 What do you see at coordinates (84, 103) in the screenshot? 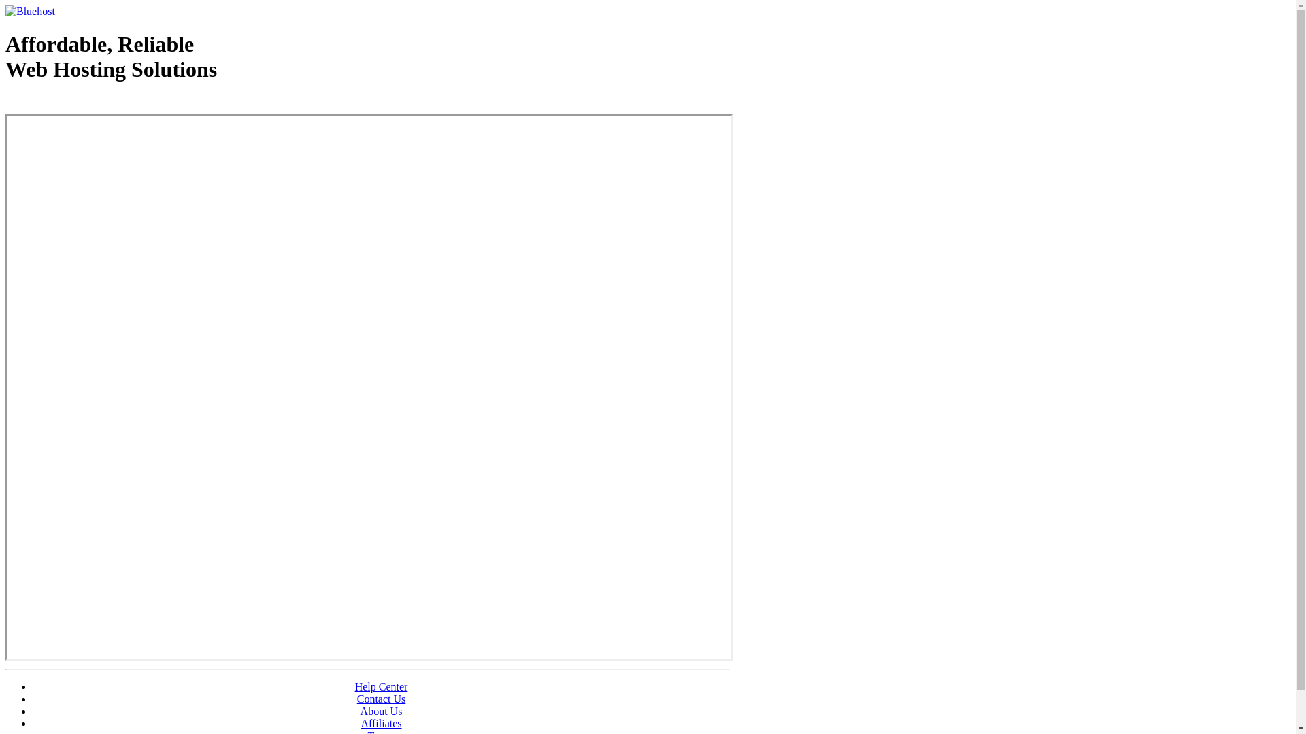
I see `'Web Hosting - courtesy of www.bluehost.com'` at bounding box center [84, 103].